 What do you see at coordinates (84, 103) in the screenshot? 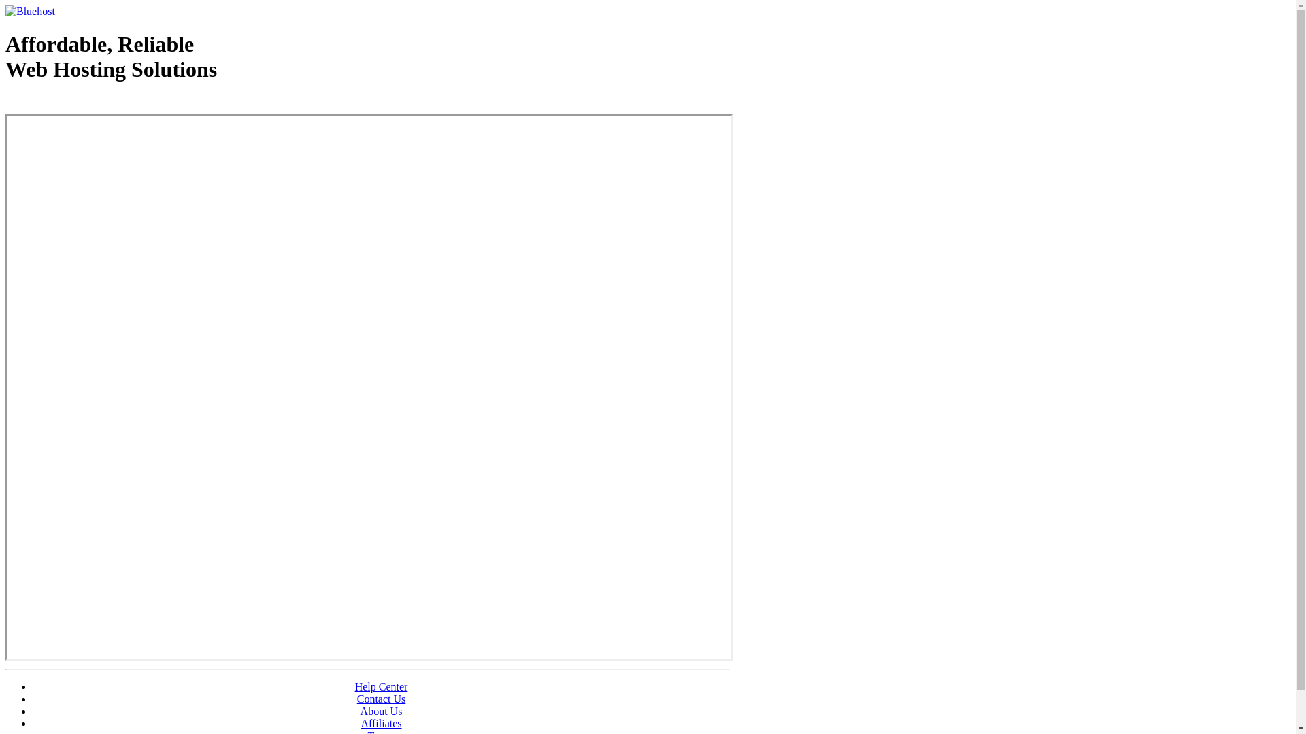
I see `'Web Hosting - courtesy of www.bluehost.com'` at bounding box center [84, 103].